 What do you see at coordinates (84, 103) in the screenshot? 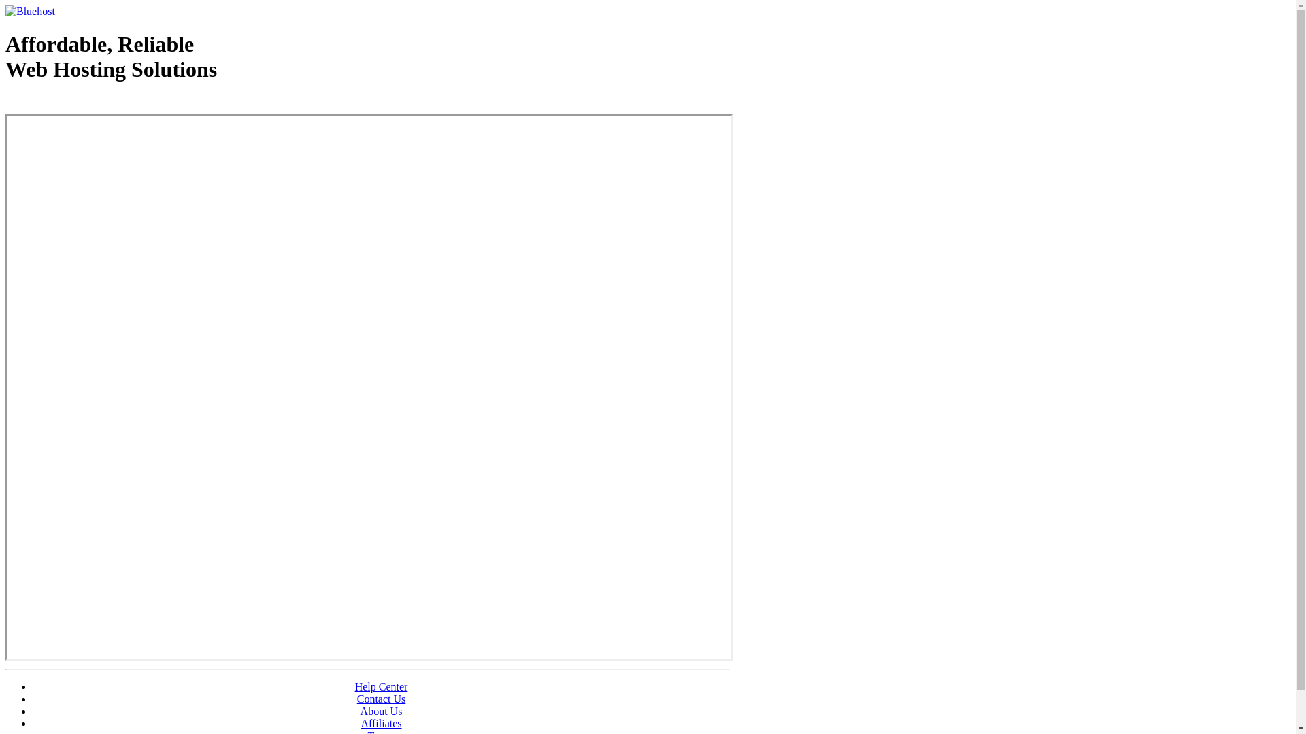
I see `'Web Hosting - courtesy of www.bluehost.com'` at bounding box center [84, 103].